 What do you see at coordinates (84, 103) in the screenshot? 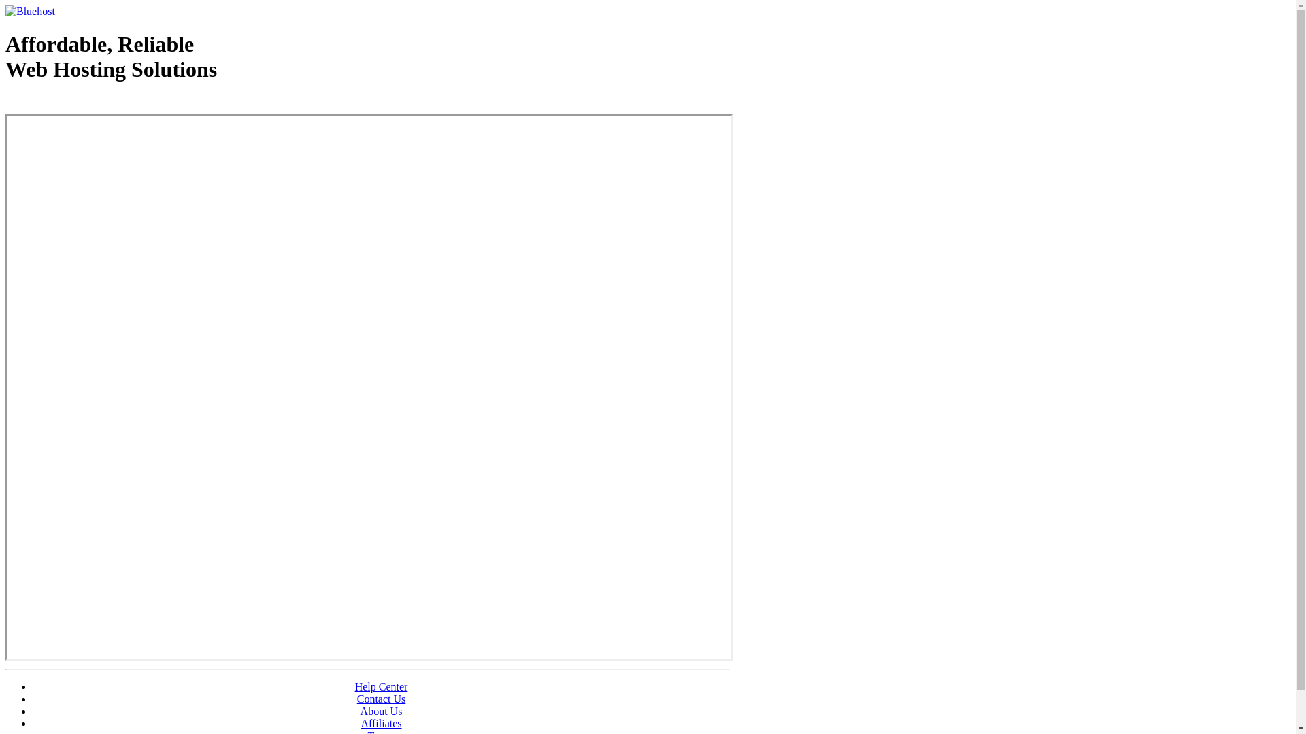
I see `'Web Hosting - courtesy of www.bluehost.com'` at bounding box center [84, 103].